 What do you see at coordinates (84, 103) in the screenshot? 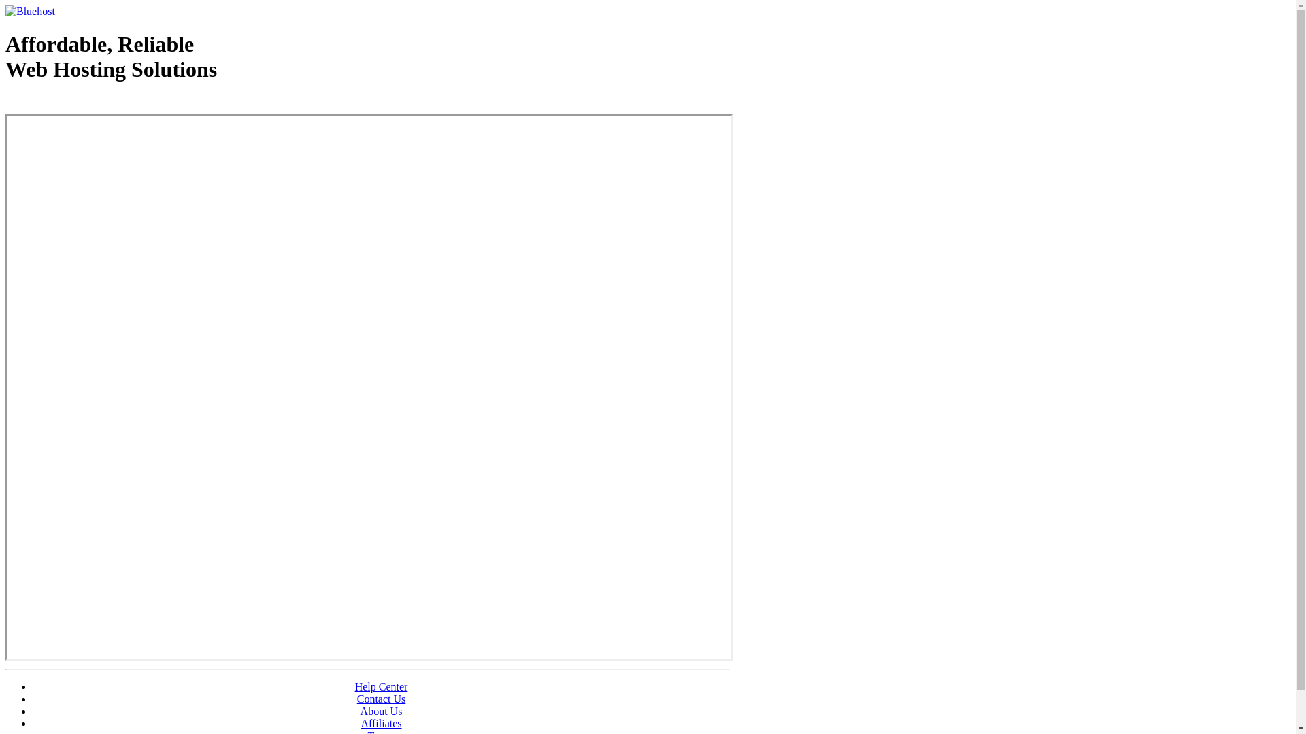
I see `'Web Hosting - courtesy of www.bluehost.com'` at bounding box center [84, 103].